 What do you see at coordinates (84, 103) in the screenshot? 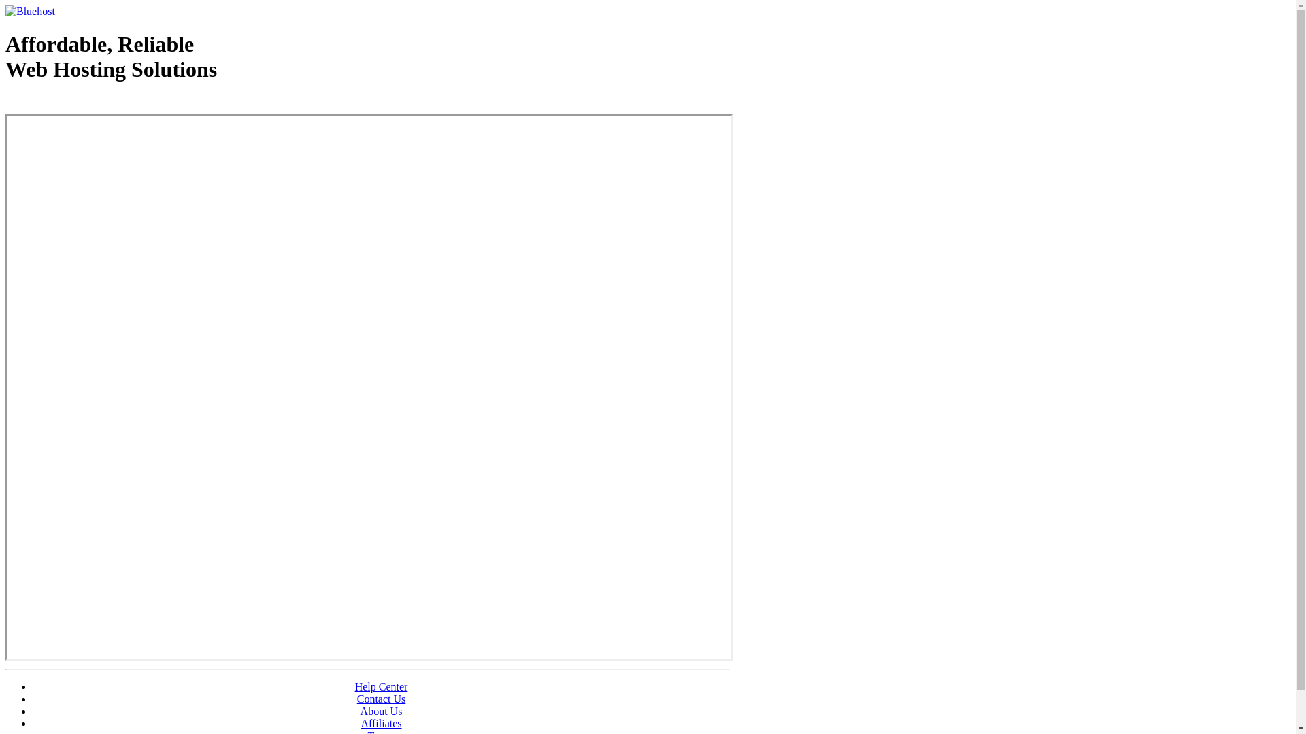
I see `'Web Hosting - courtesy of www.bluehost.com'` at bounding box center [84, 103].